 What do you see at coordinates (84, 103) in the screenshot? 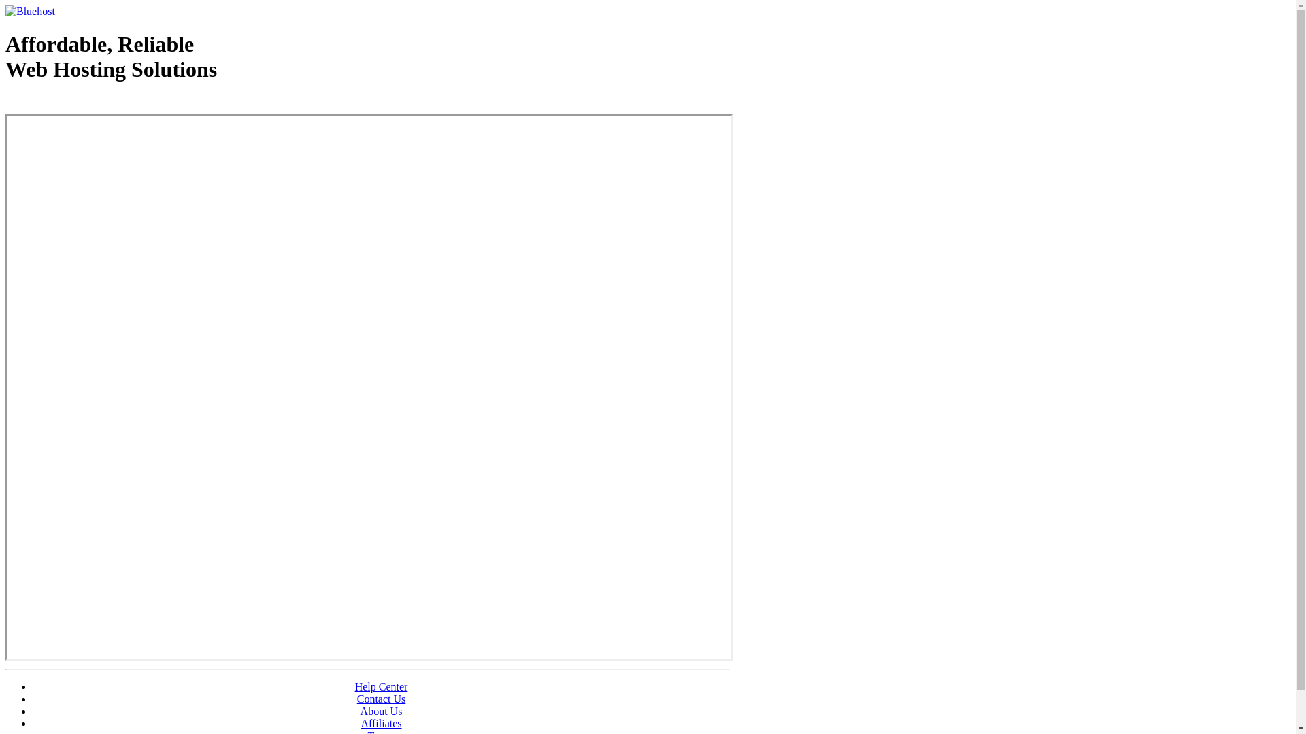
I see `'Web Hosting - courtesy of www.bluehost.com'` at bounding box center [84, 103].